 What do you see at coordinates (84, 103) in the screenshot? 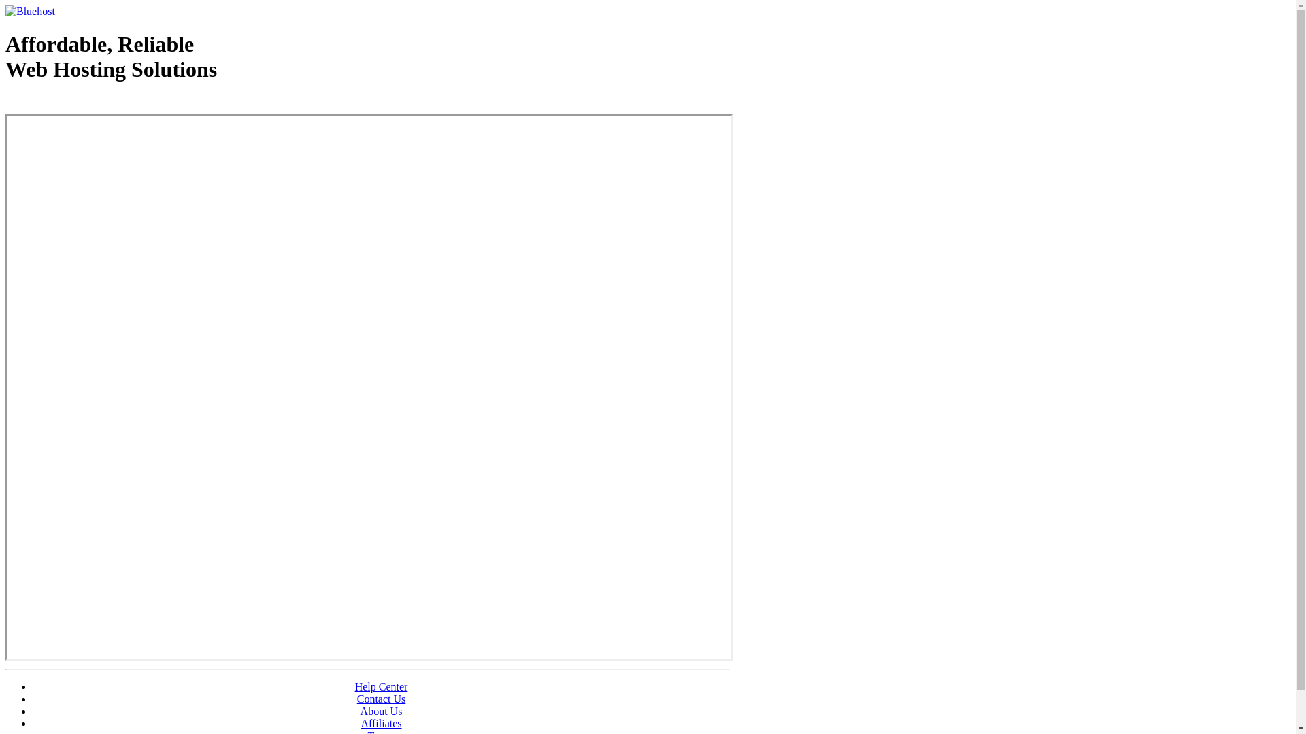
I see `'Web Hosting - courtesy of www.bluehost.com'` at bounding box center [84, 103].